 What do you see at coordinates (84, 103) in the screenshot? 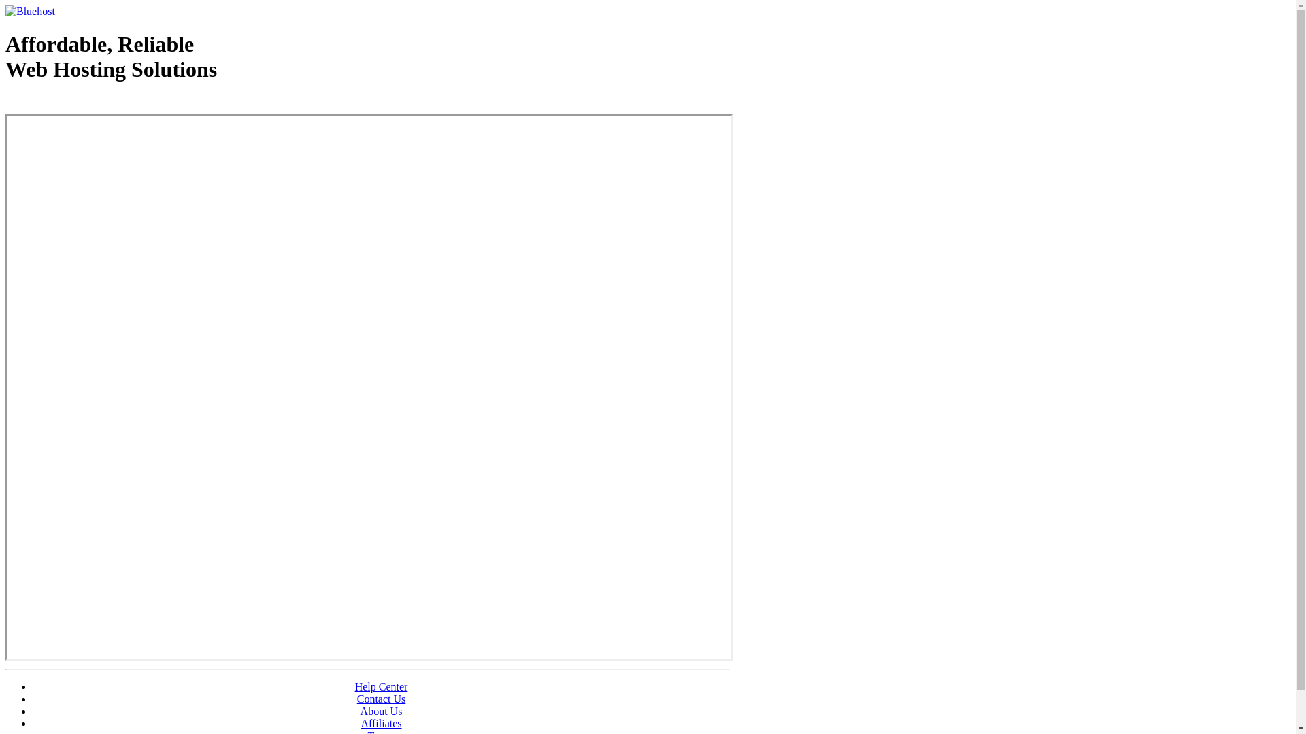
I see `'Web Hosting - courtesy of www.bluehost.com'` at bounding box center [84, 103].